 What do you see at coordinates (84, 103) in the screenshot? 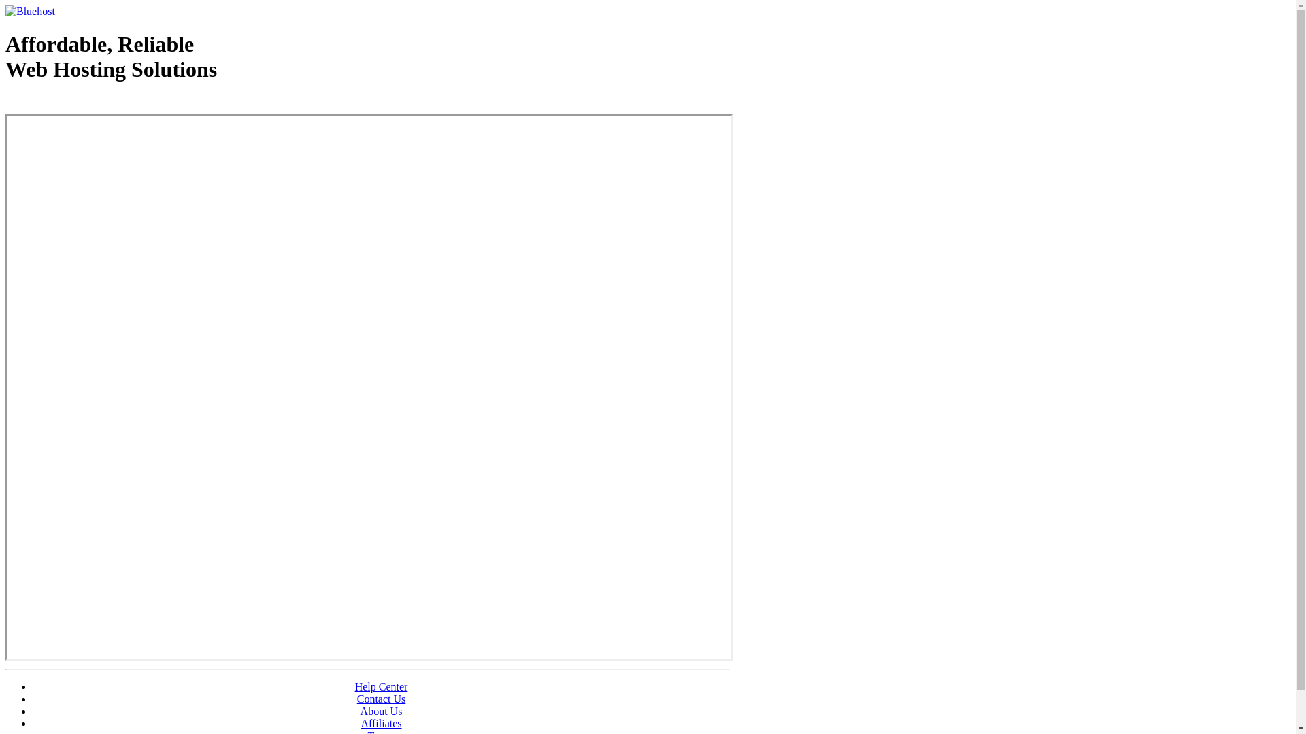
I see `'Web Hosting - courtesy of www.bluehost.com'` at bounding box center [84, 103].